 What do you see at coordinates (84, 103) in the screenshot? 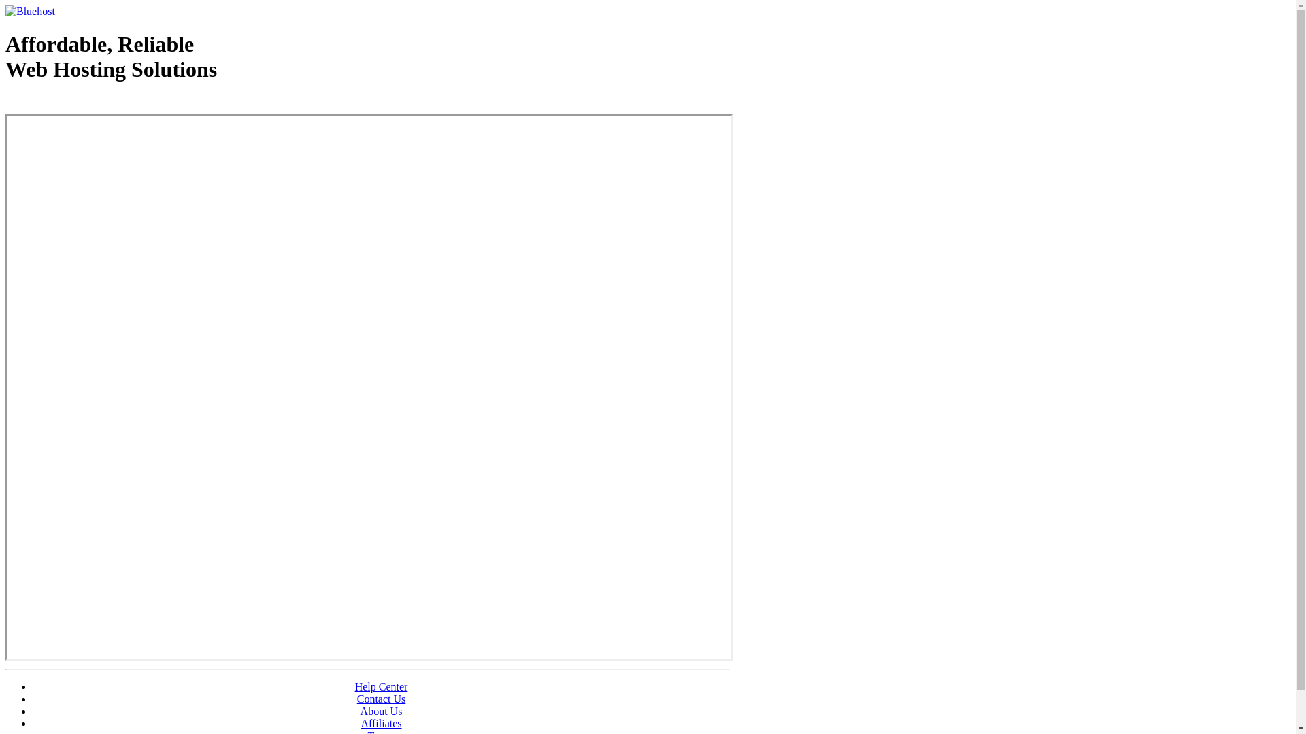
I see `'Web Hosting - courtesy of www.bluehost.com'` at bounding box center [84, 103].